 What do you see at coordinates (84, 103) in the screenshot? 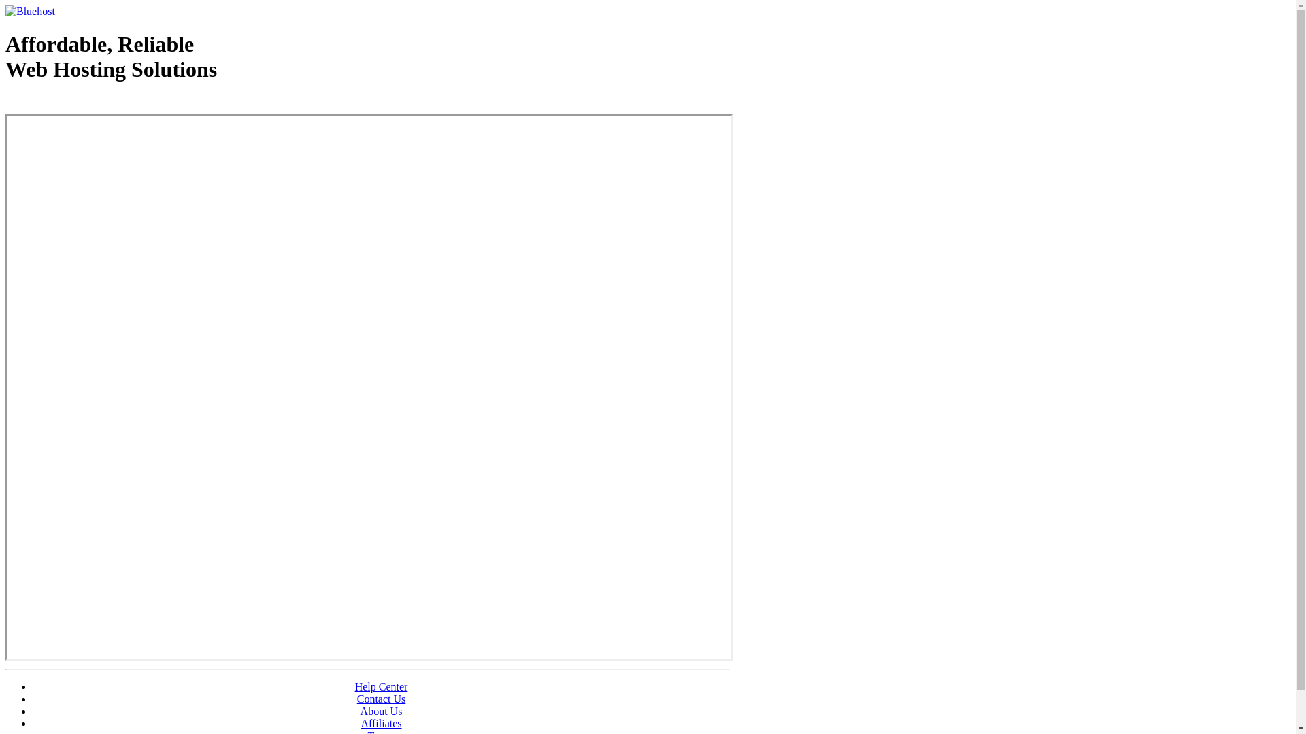
I see `'Web Hosting - courtesy of www.bluehost.com'` at bounding box center [84, 103].